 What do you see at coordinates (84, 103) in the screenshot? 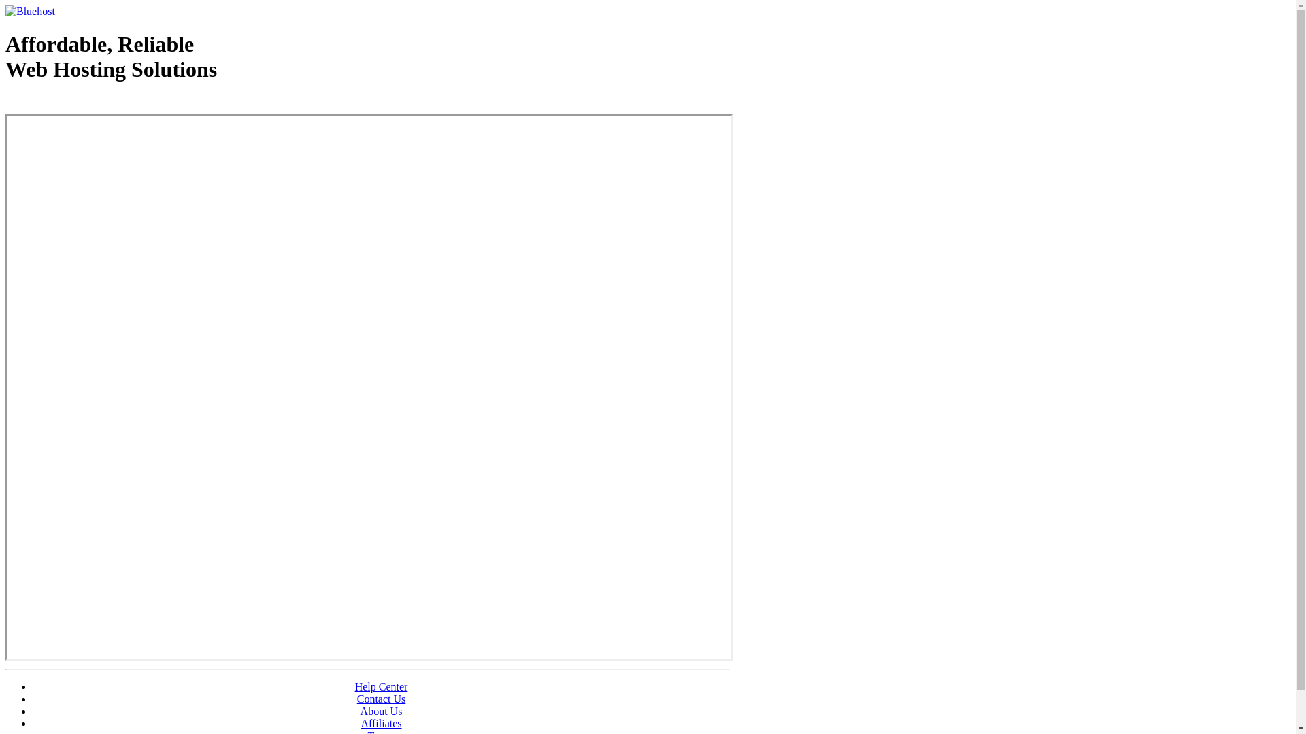
I see `'Web Hosting - courtesy of www.bluehost.com'` at bounding box center [84, 103].